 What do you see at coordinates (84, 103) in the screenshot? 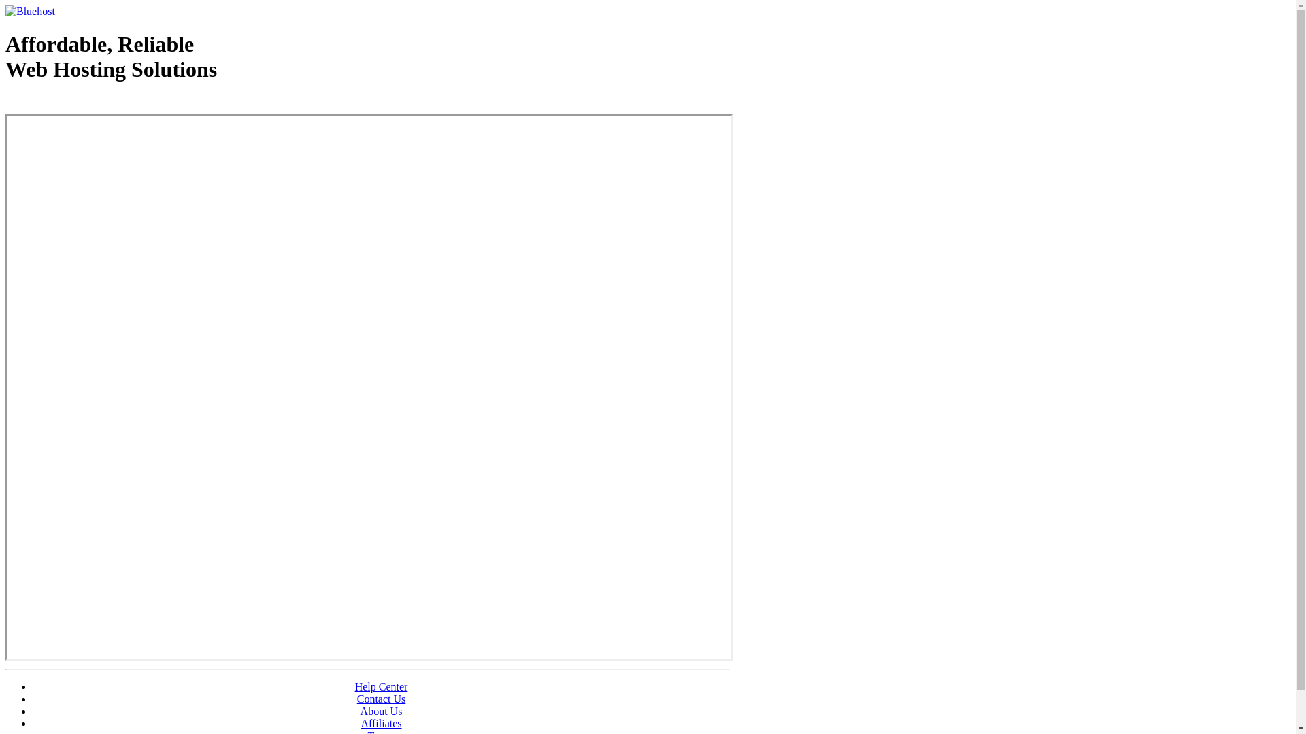
I see `'Web Hosting - courtesy of www.bluehost.com'` at bounding box center [84, 103].